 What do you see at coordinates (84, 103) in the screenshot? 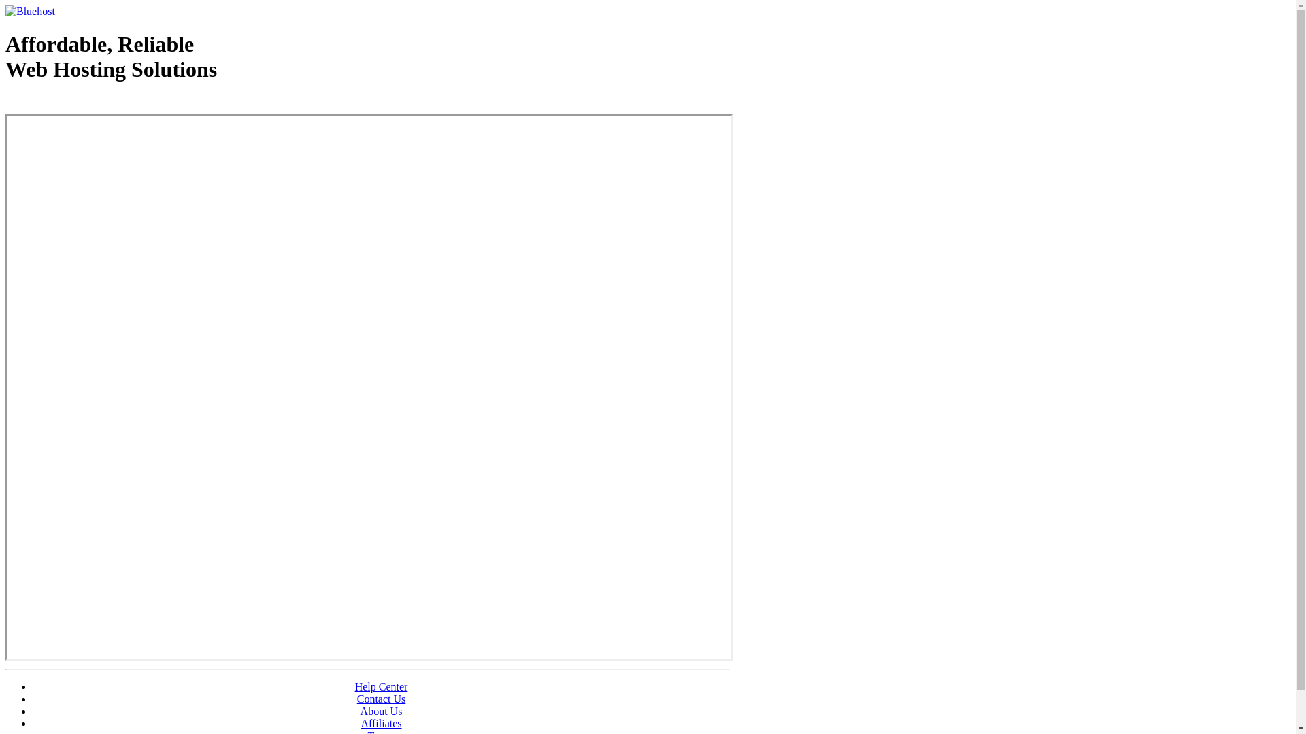
I see `'Web Hosting - courtesy of www.bluehost.com'` at bounding box center [84, 103].